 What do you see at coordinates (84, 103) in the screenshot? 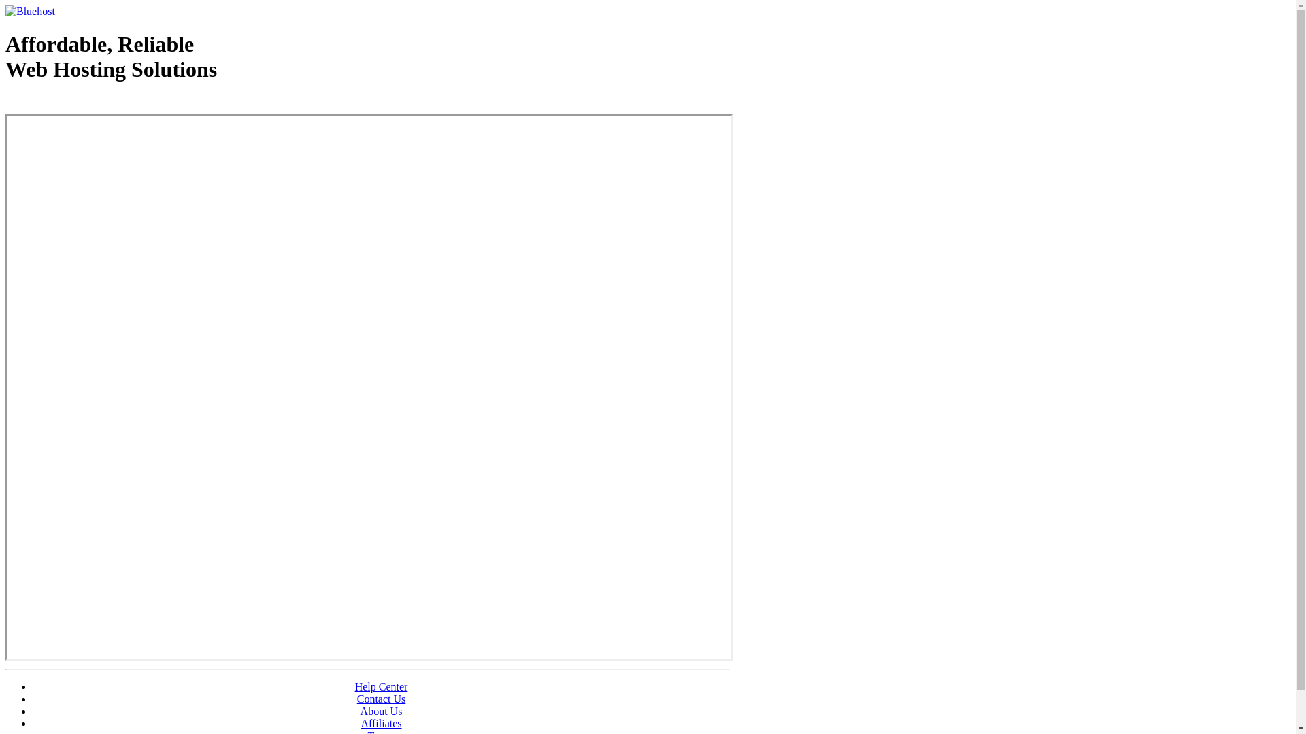
I see `'Web Hosting - courtesy of www.bluehost.com'` at bounding box center [84, 103].